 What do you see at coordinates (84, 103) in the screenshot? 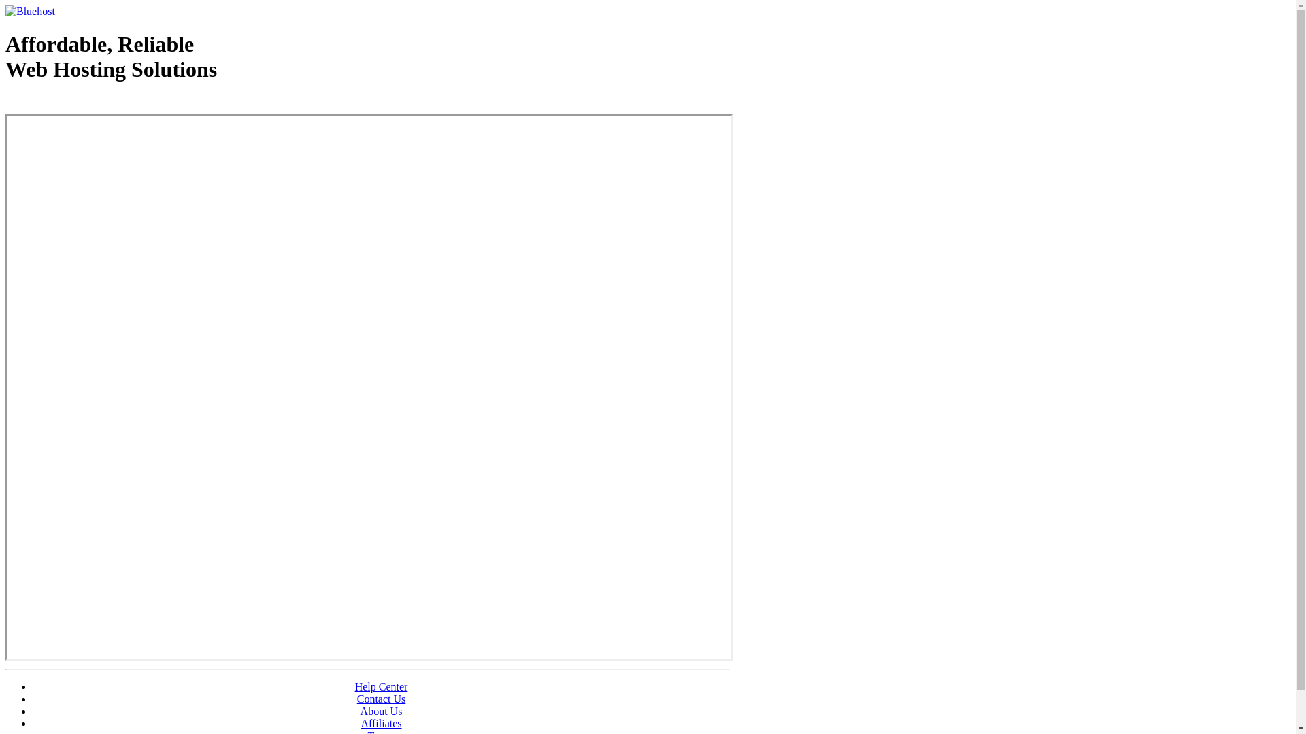
I see `'Web Hosting - courtesy of www.bluehost.com'` at bounding box center [84, 103].